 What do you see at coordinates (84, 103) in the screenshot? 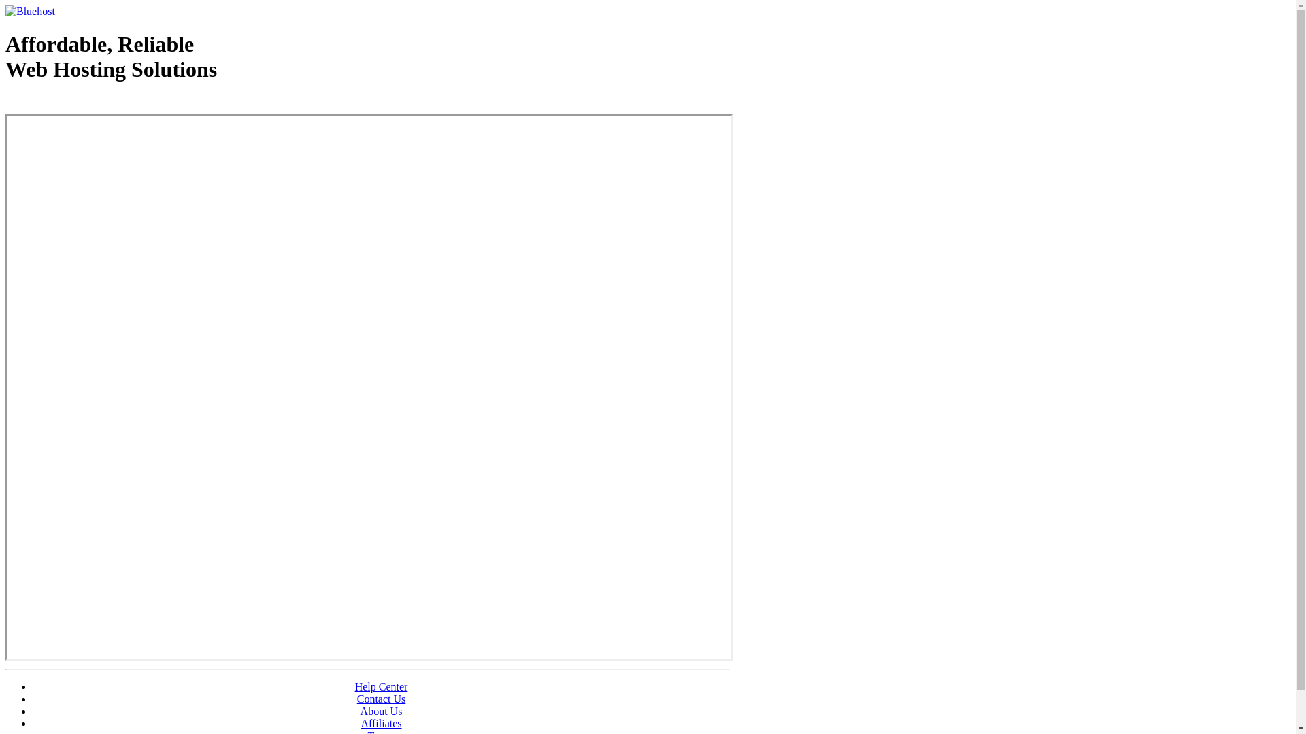
I see `'Web Hosting - courtesy of www.bluehost.com'` at bounding box center [84, 103].